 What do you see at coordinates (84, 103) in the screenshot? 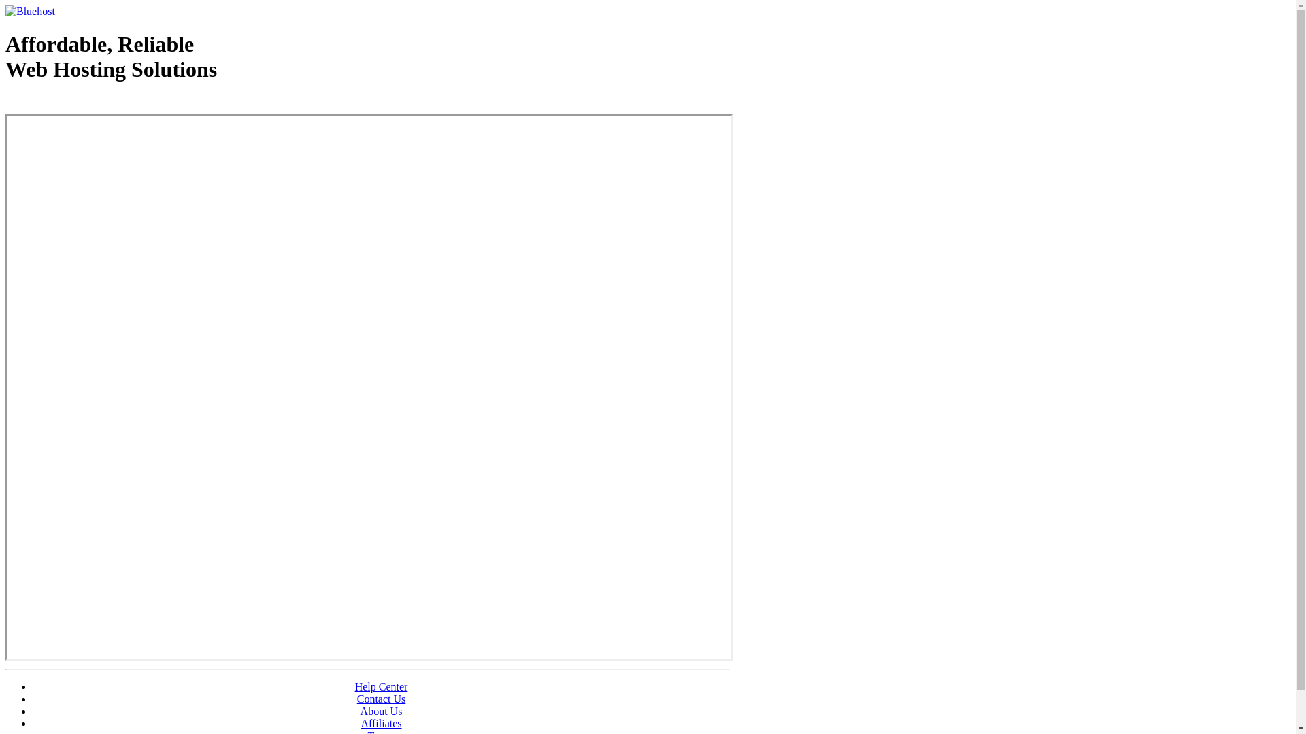
I see `'Web Hosting - courtesy of www.bluehost.com'` at bounding box center [84, 103].